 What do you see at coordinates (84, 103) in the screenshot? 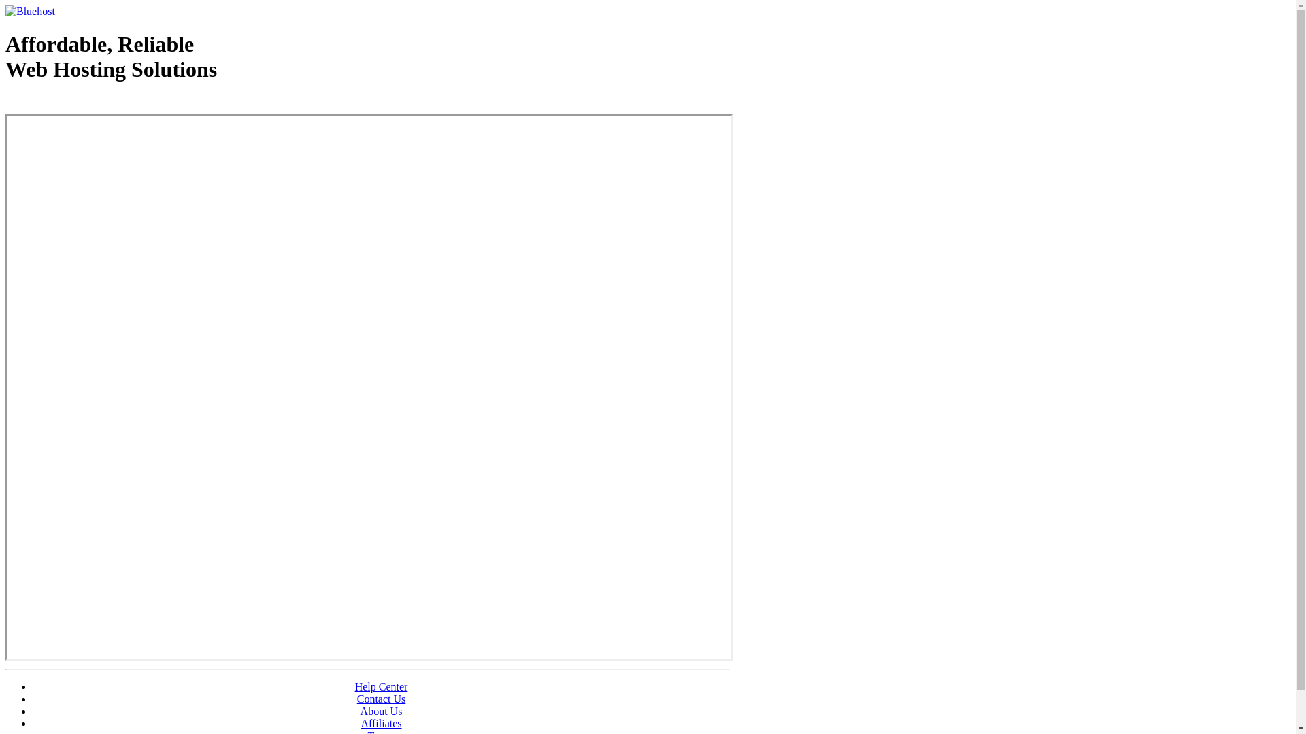
I see `'Web Hosting - courtesy of www.bluehost.com'` at bounding box center [84, 103].